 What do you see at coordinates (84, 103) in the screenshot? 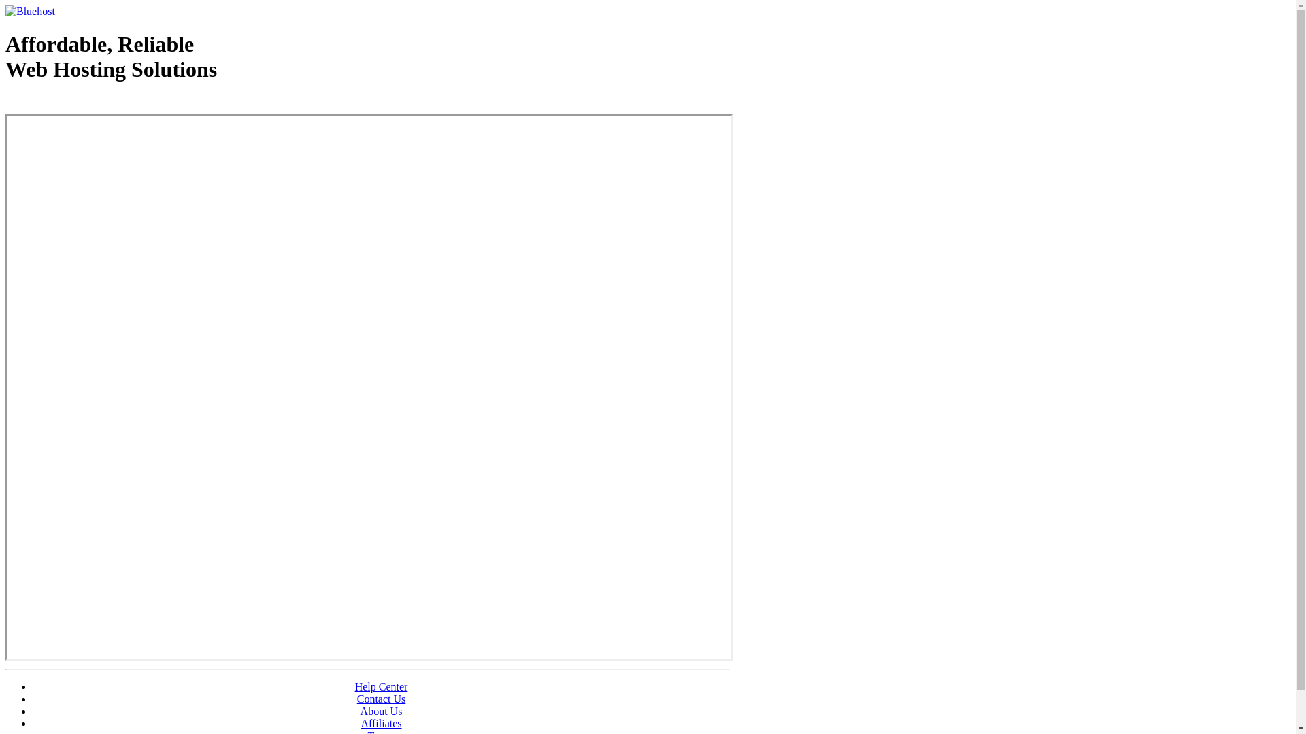
I see `'Web Hosting - courtesy of www.bluehost.com'` at bounding box center [84, 103].